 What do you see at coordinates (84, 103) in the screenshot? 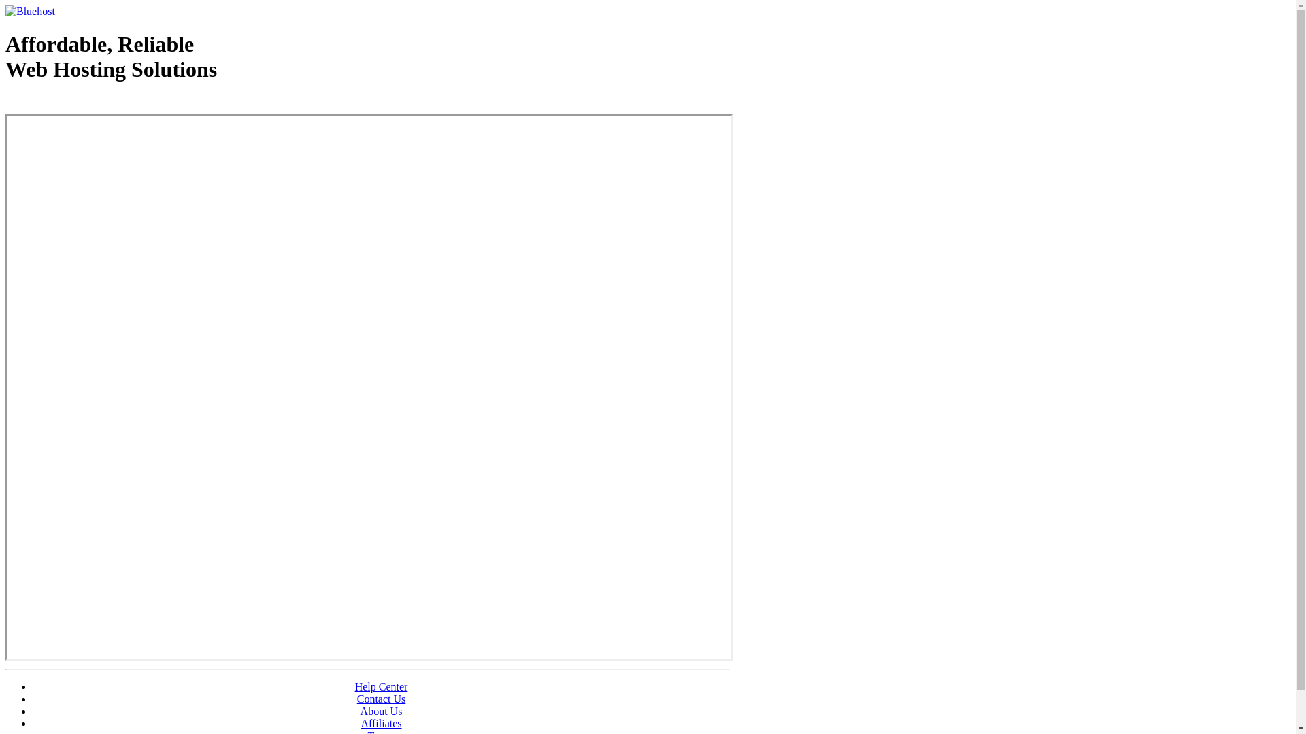
I see `'Web Hosting - courtesy of www.bluehost.com'` at bounding box center [84, 103].